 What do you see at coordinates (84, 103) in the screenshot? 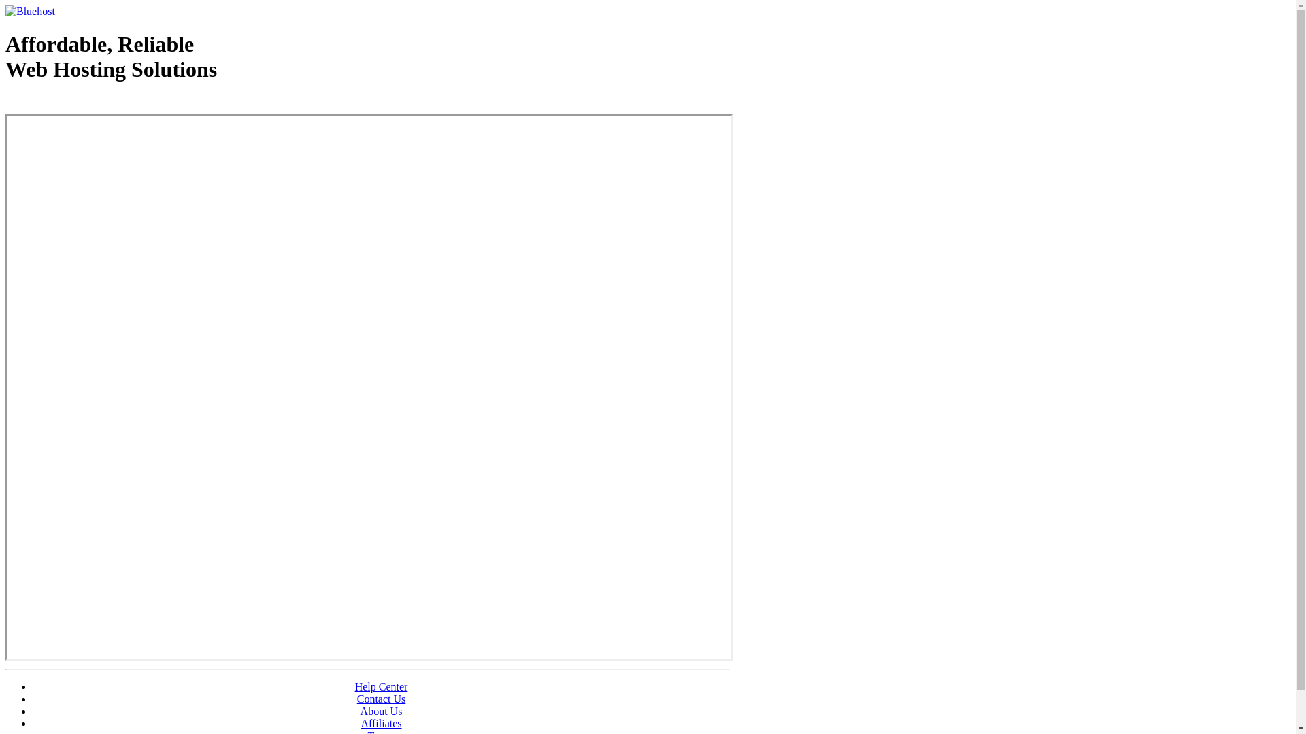
I see `'Web Hosting - courtesy of www.bluehost.com'` at bounding box center [84, 103].